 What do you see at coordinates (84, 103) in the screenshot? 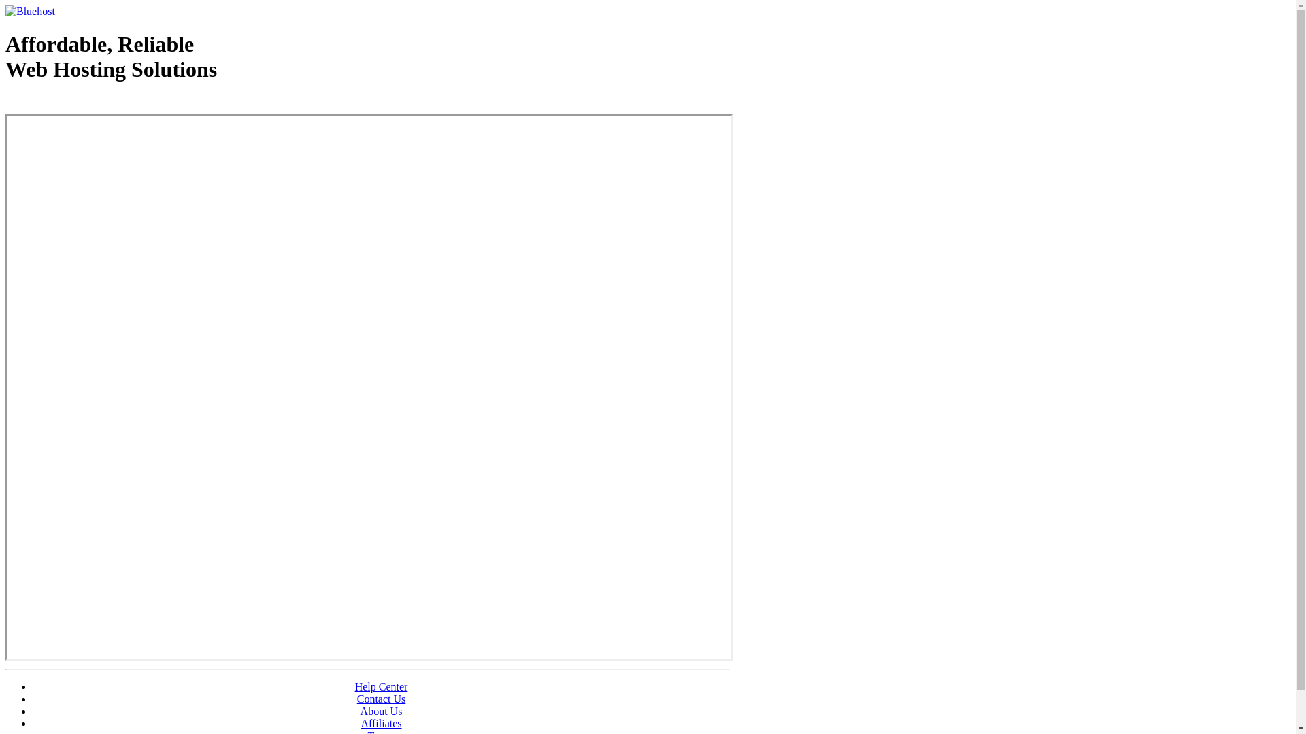
I see `'Web Hosting - courtesy of www.bluehost.com'` at bounding box center [84, 103].